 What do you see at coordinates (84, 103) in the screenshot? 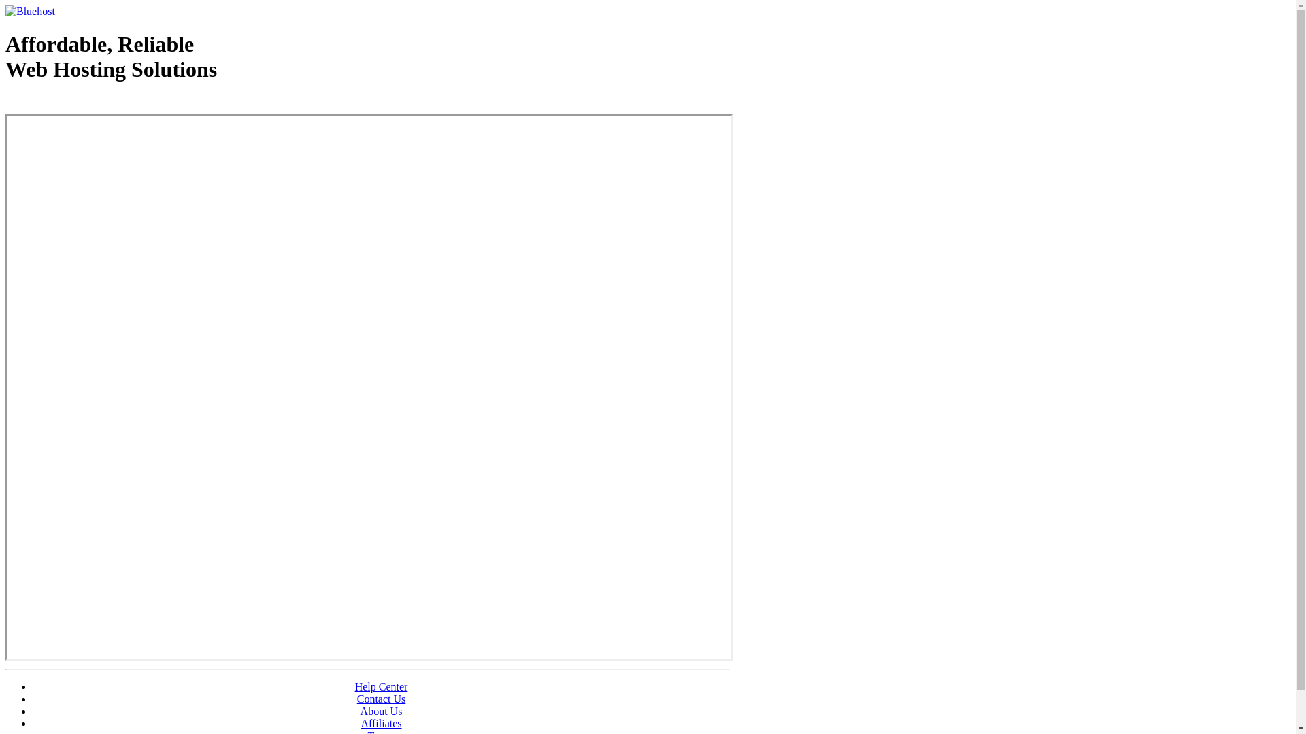
I see `'Web Hosting - courtesy of www.bluehost.com'` at bounding box center [84, 103].